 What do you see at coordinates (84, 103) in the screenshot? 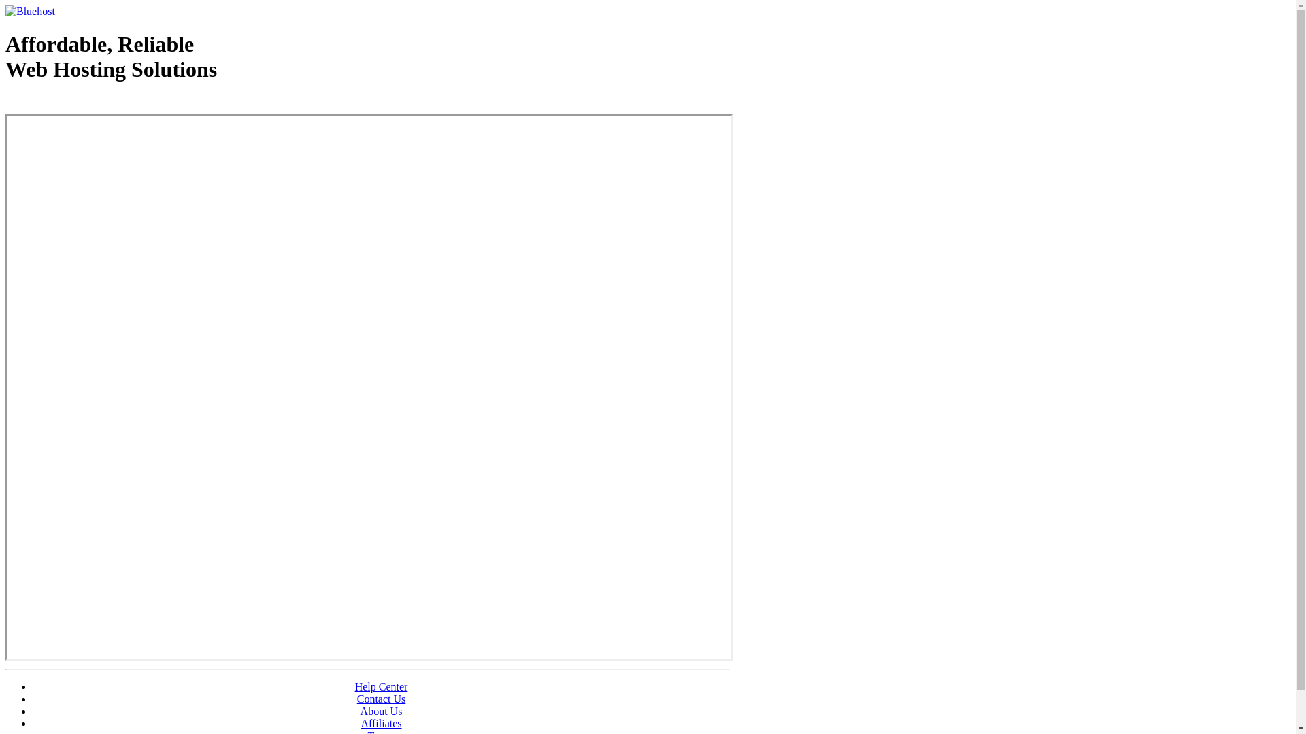
I see `'Web Hosting - courtesy of www.bluehost.com'` at bounding box center [84, 103].